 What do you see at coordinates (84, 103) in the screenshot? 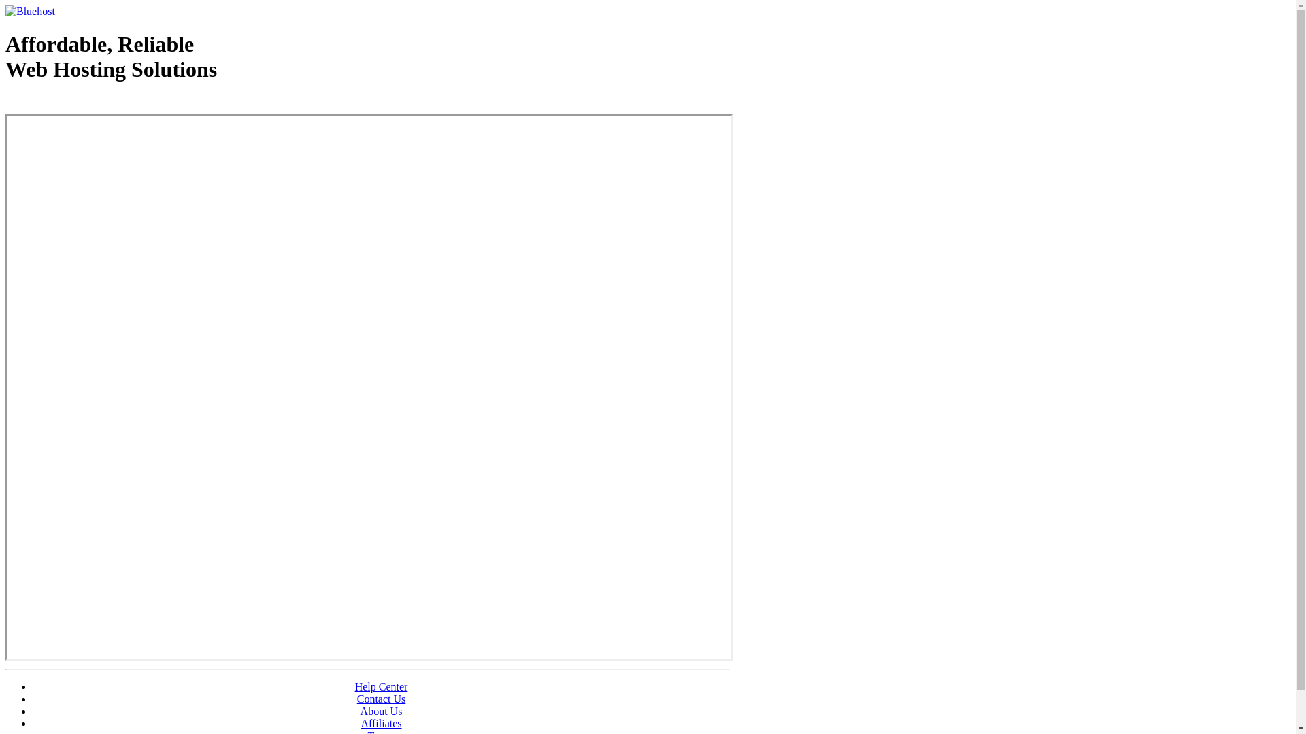
I see `'Web Hosting - courtesy of www.bluehost.com'` at bounding box center [84, 103].